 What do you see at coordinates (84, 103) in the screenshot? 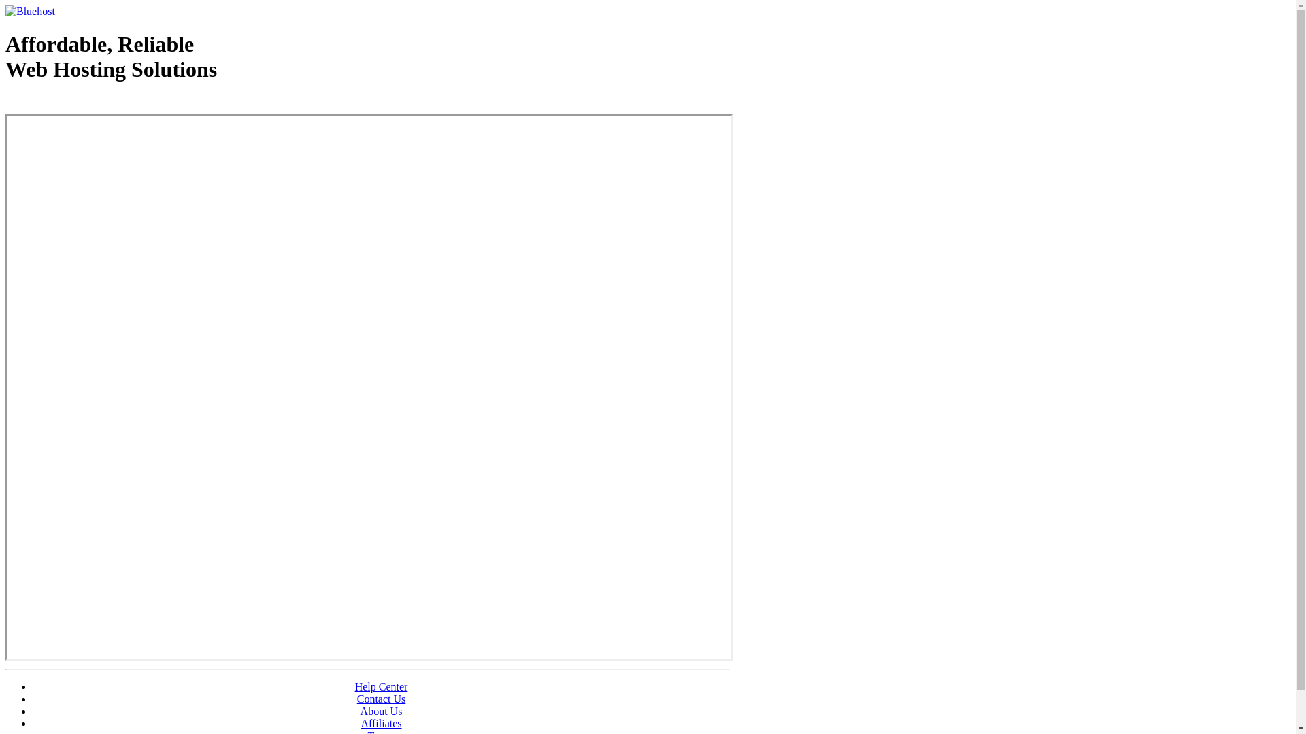
I see `'Web Hosting - courtesy of www.bluehost.com'` at bounding box center [84, 103].